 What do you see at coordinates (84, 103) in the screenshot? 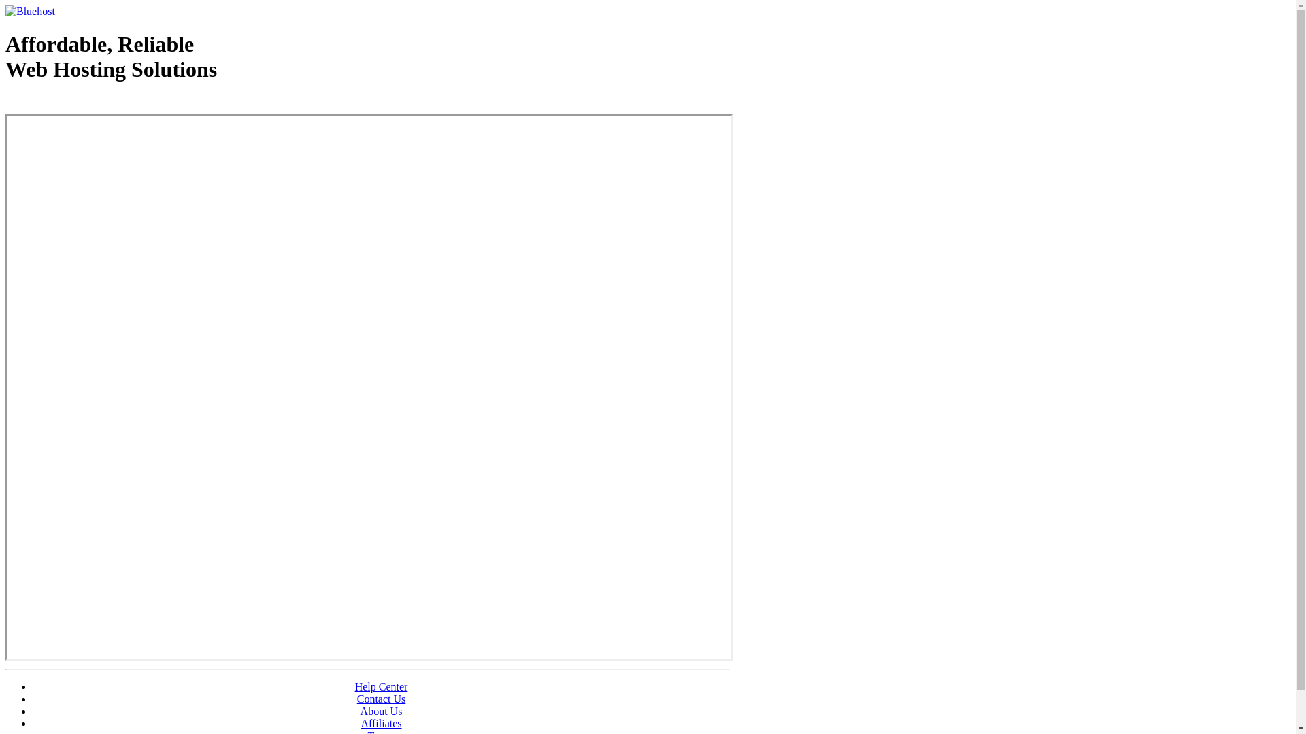
I see `'Web Hosting - courtesy of www.bluehost.com'` at bounding box center [84, 103].